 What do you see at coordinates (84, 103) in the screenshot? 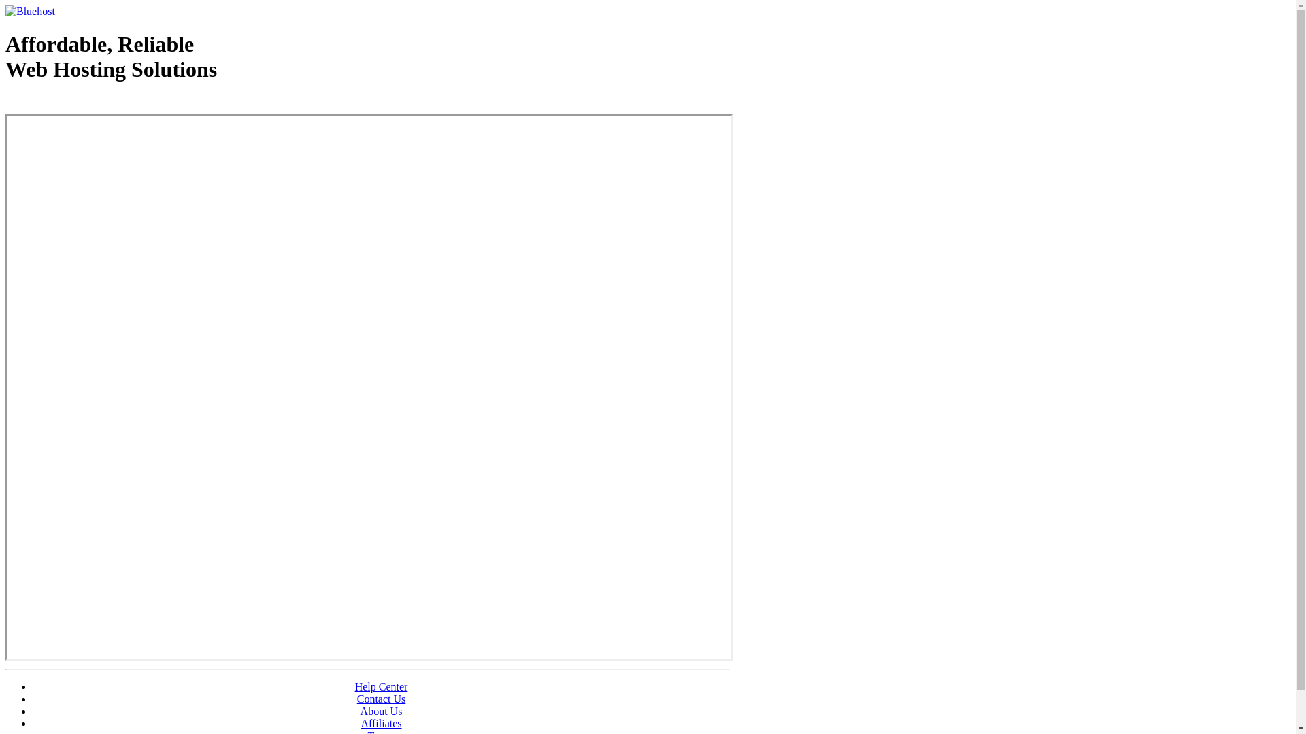
I see `'Web Hosting - courtesy of www.bluehost.com'` at bounding box center [84, 103].